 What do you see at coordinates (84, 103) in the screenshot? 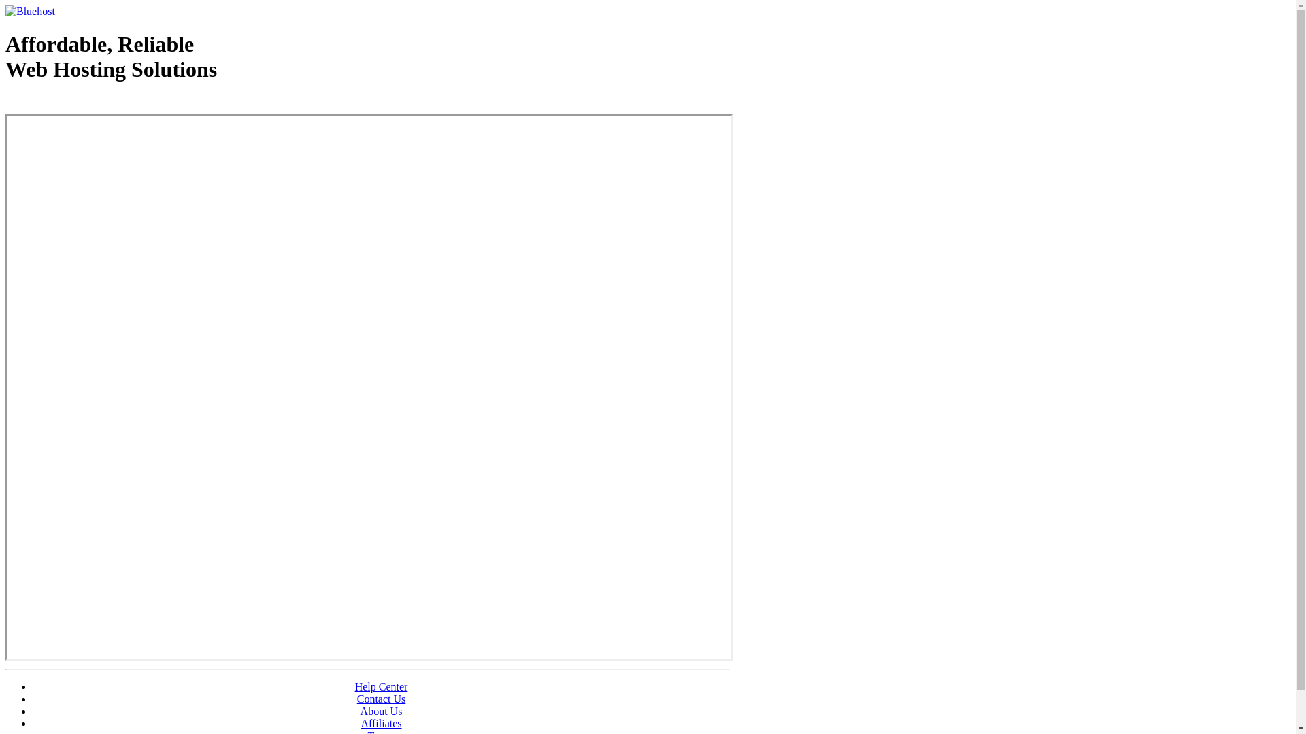
I see `'Web Hosting - courtesy of www.bluehost.com'` at bounding box center [84, 103].